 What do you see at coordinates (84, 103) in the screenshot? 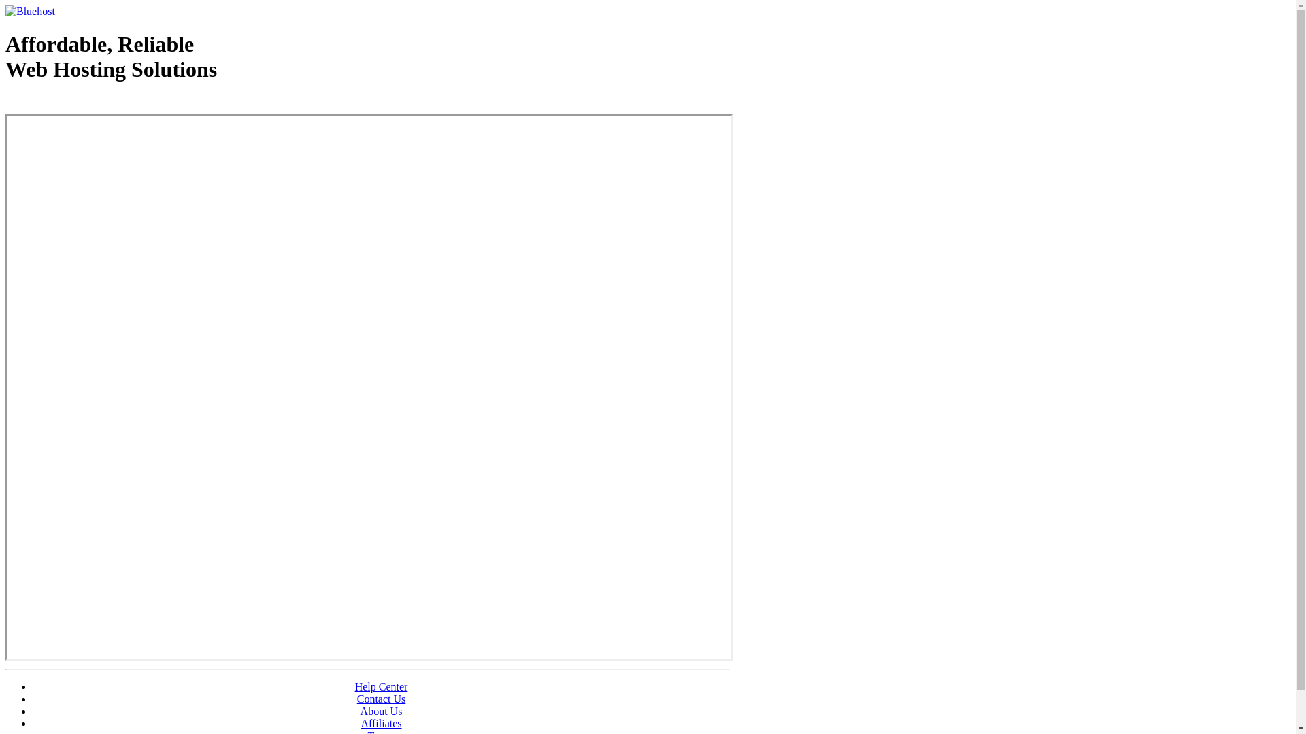
I see `'Web Hosting - courtesy of www.bluehost.com'` at bounding box center [84, 103].